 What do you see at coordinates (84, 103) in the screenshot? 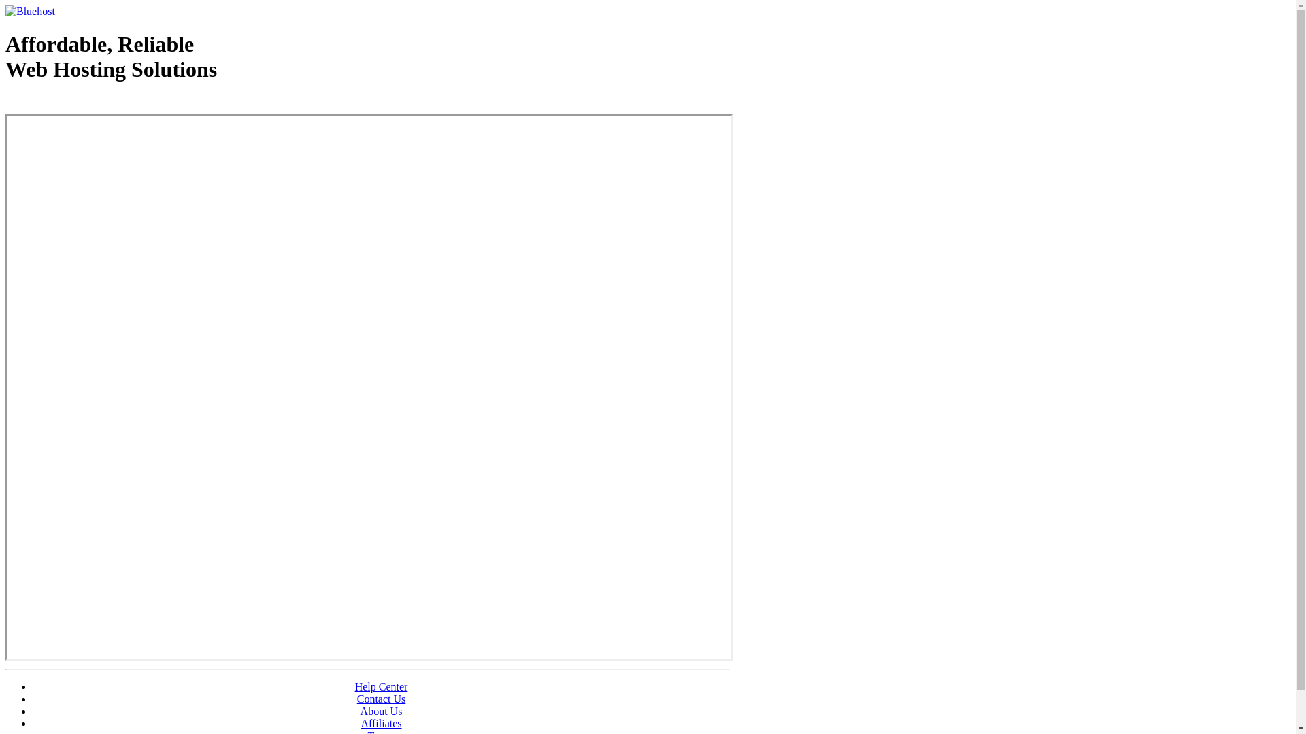
I see `'Web Hosting - courtesy of www.bluehost.com'` at bounding box center [84, 103].